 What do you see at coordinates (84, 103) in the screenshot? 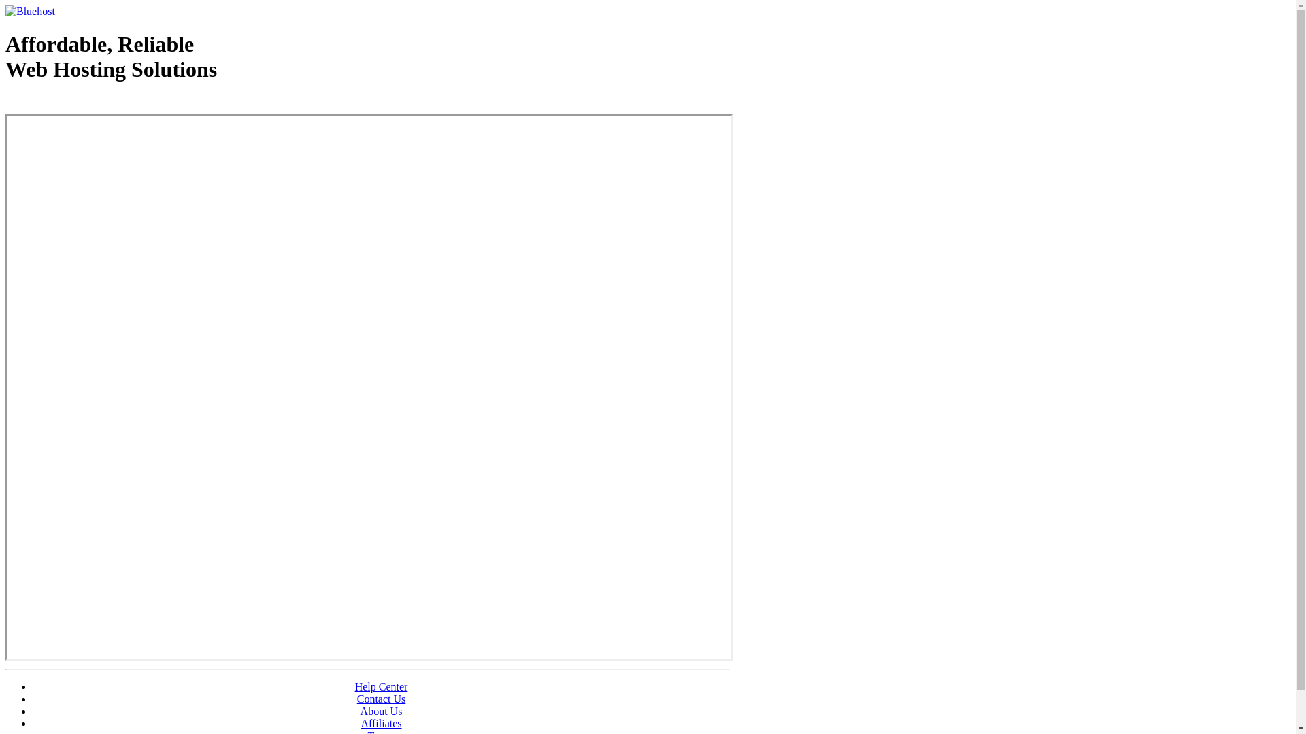
I see `'Web Hosting - courtesy of www.bluehost.com'` at bounding box center [84, 103].